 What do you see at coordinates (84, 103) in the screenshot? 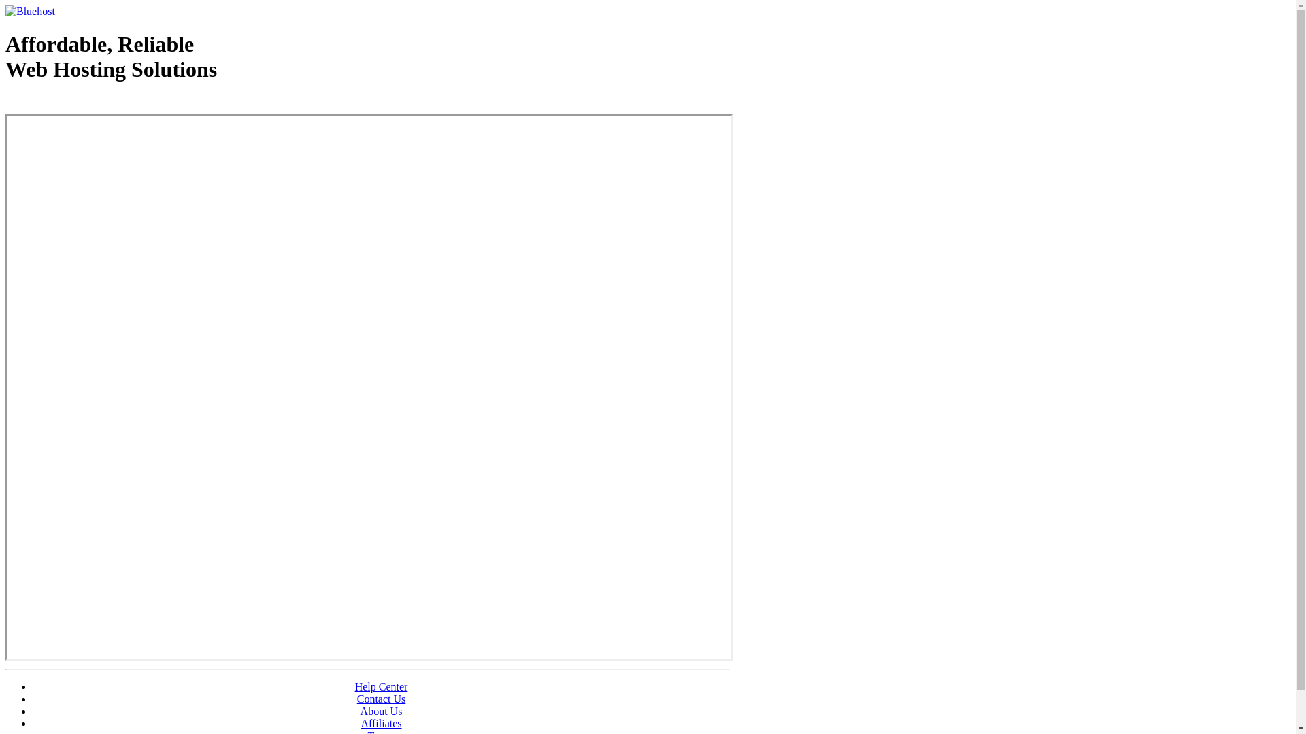
I see `'Web Hosting - courtesy of www.bluehost.com'` at bounding box center [84, 103].